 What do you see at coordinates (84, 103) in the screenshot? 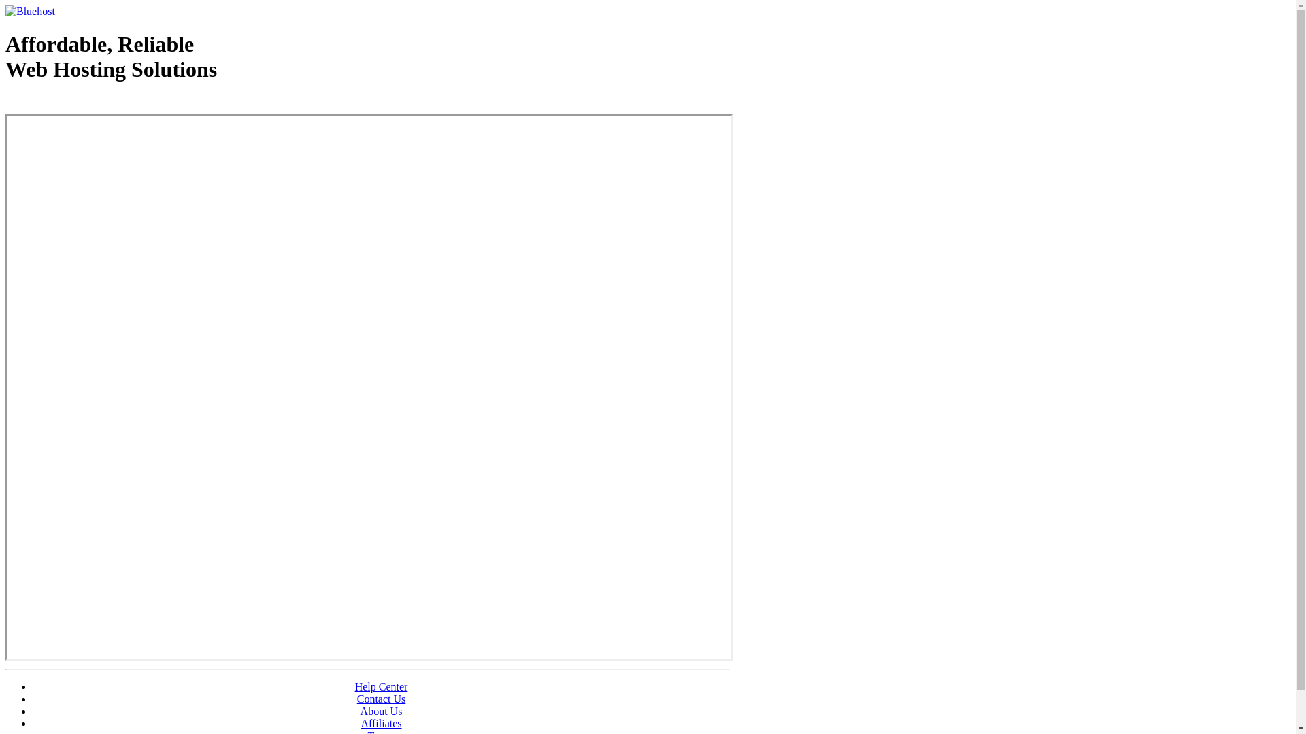
I see `'Web Hosting - courtesy of www.bluehost.com'` at bounding box center [84, 103].